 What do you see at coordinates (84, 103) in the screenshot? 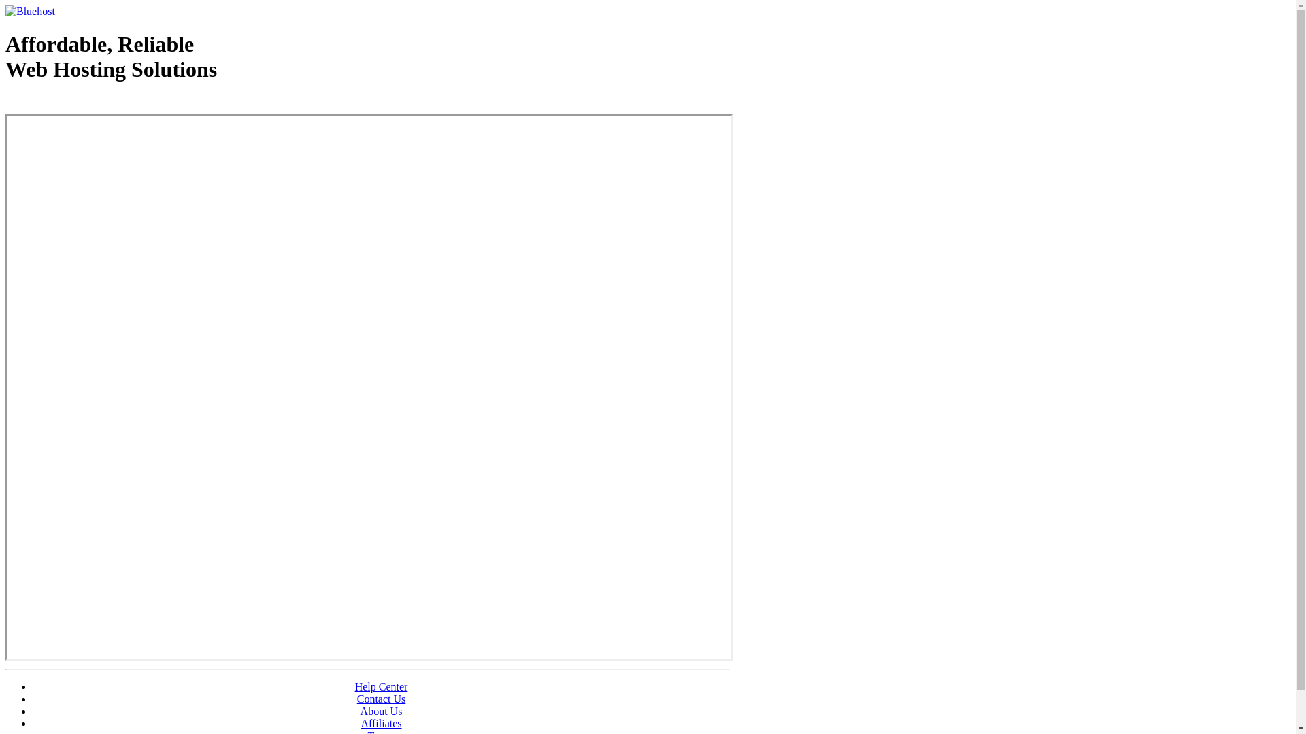
I see `'Web Hosting - courtesy of www.bluehost.com'` at bounding box center [84, 103].